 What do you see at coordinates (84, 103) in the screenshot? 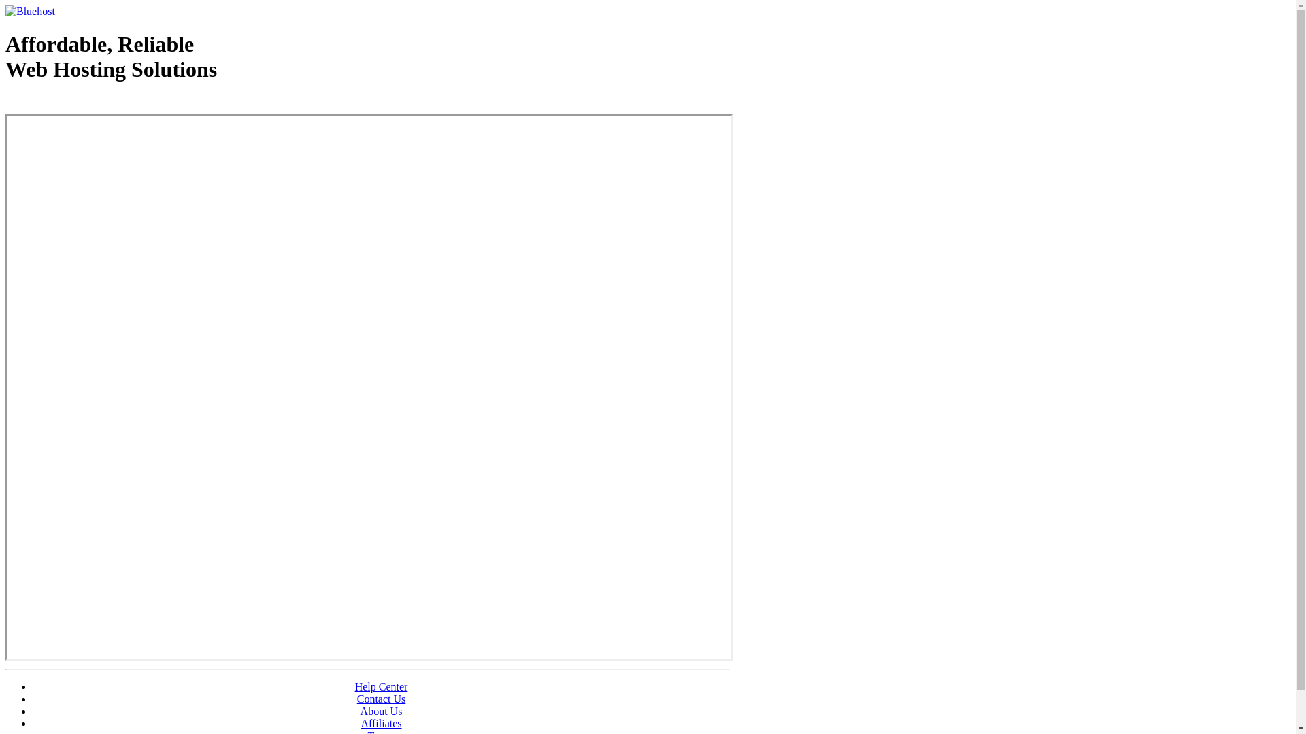
I see `'Web Hosting - courtesy of www.bluehost.com'` at bounding box center [84, 103].